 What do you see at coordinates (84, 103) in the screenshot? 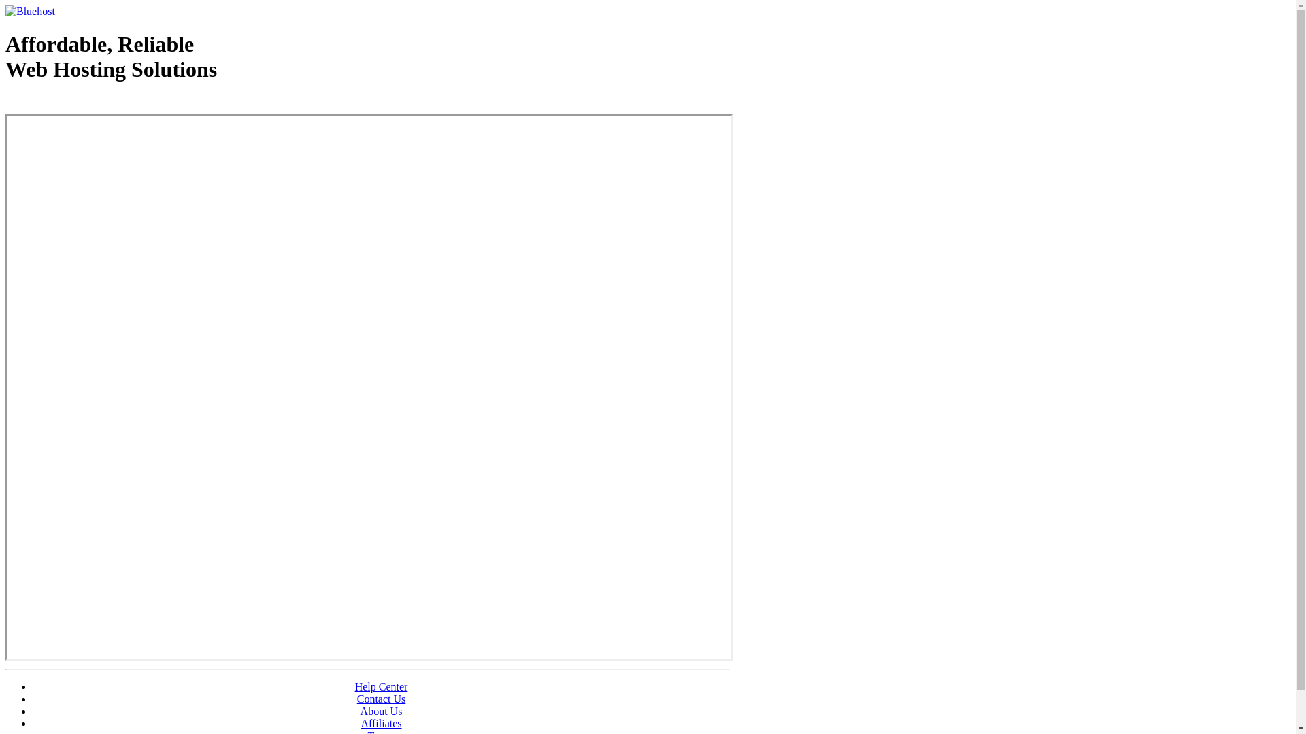
I see `'Web Hosting - courtesy of www.bluehost.com'` at bounding box center [84, 103].